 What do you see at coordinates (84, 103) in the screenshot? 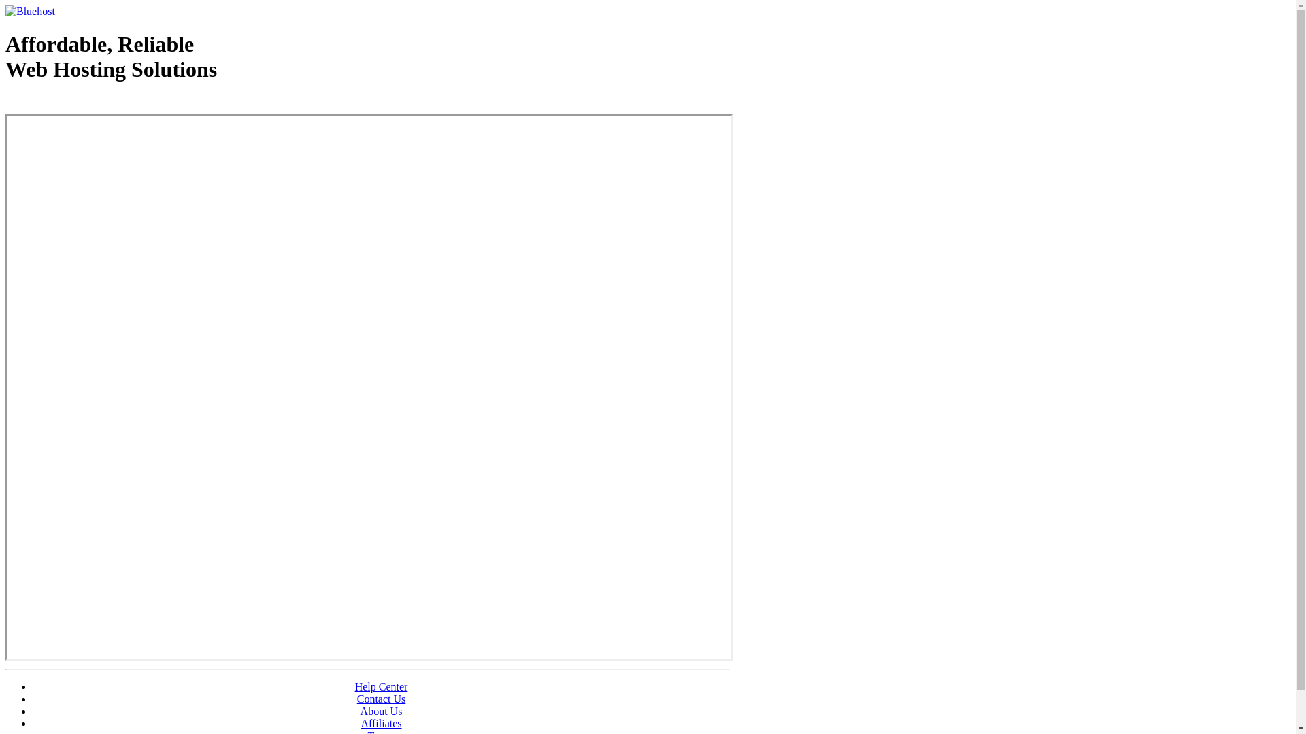
I see `'Web Hosting - courtesy of www.bluehost.com'` at bounding box center [84, 103].